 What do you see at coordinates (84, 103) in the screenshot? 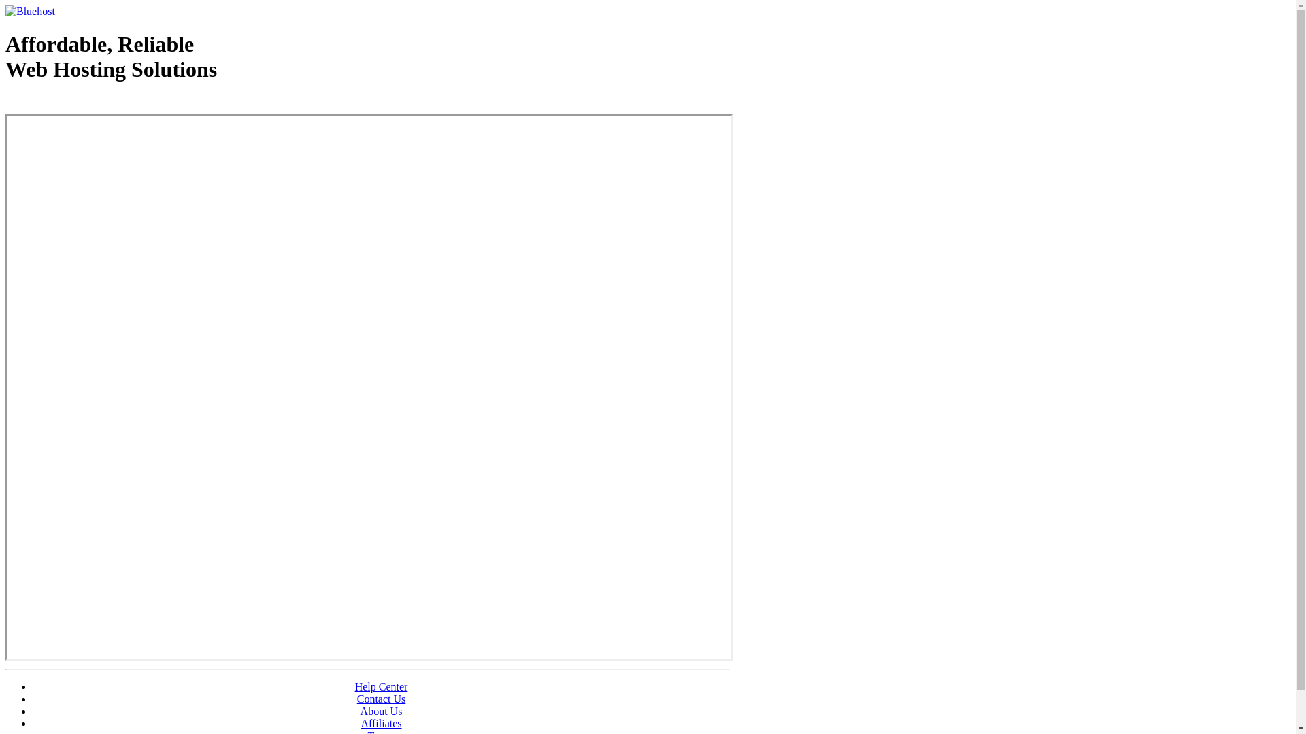
I see `'Web Hosting - courtesy of www.bluehost.com'` at bounding box center [84, 103].